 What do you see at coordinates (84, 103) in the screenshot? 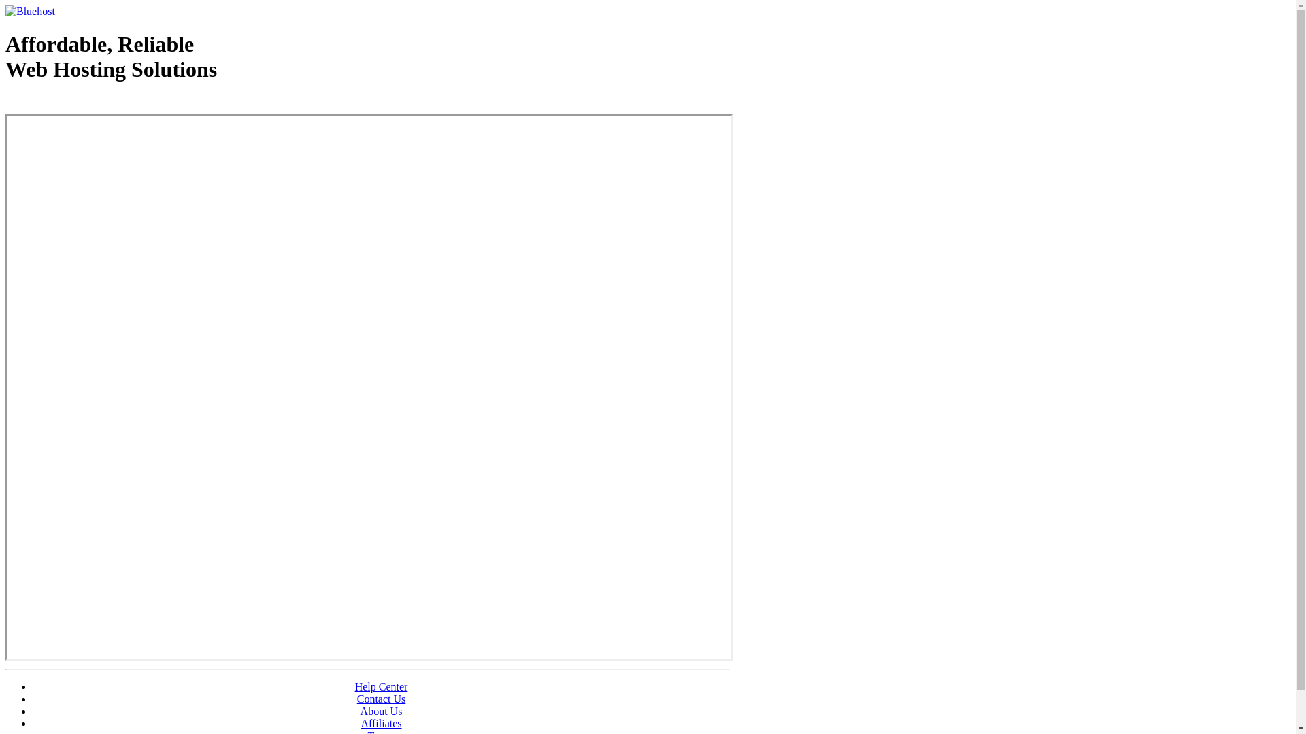
I see `'Web Hosting - courtesy of www.bluehost.com'` at bounding box center [84, 103].